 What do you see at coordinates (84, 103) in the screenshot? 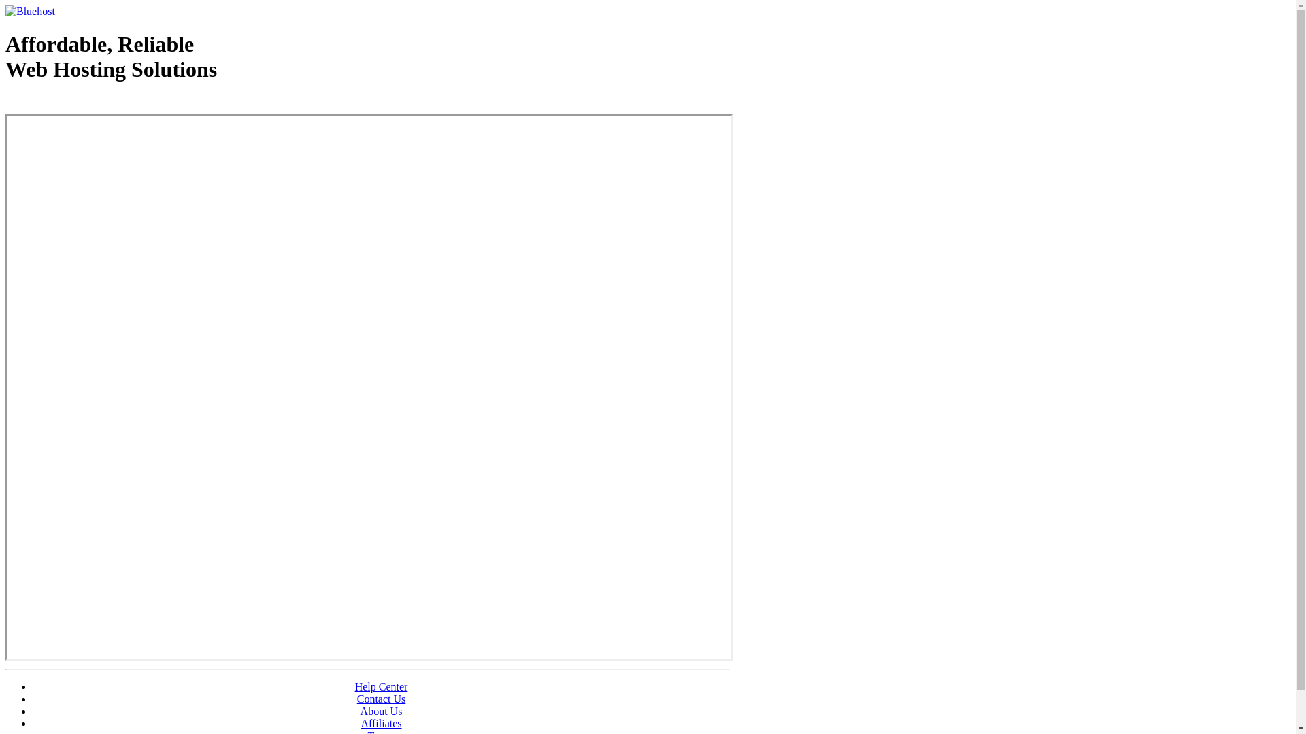
I see `'Web Hosting - courtesy of www.bluehost.com'` at bounding box center [84, 103].